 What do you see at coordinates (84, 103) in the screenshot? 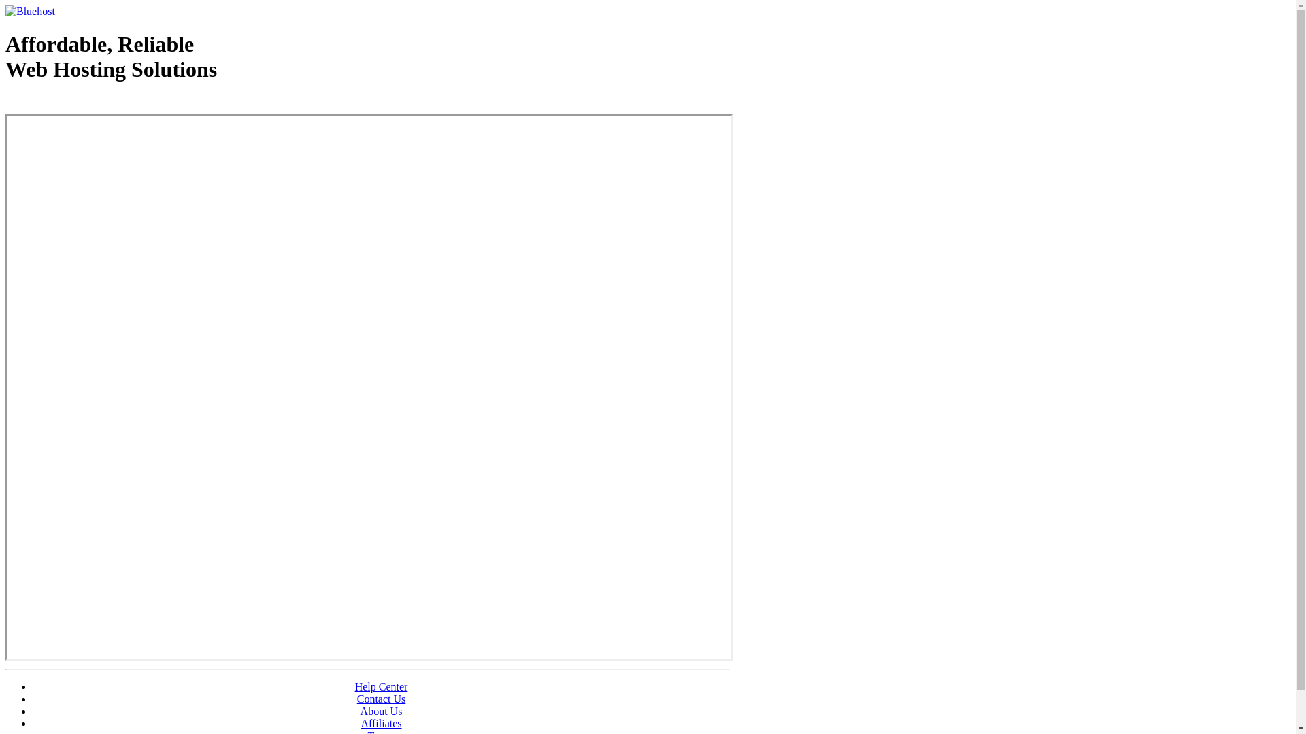
I see `'Web Hosting - courtesy of www.bluehost.com'` at bounding box center [84, 103].